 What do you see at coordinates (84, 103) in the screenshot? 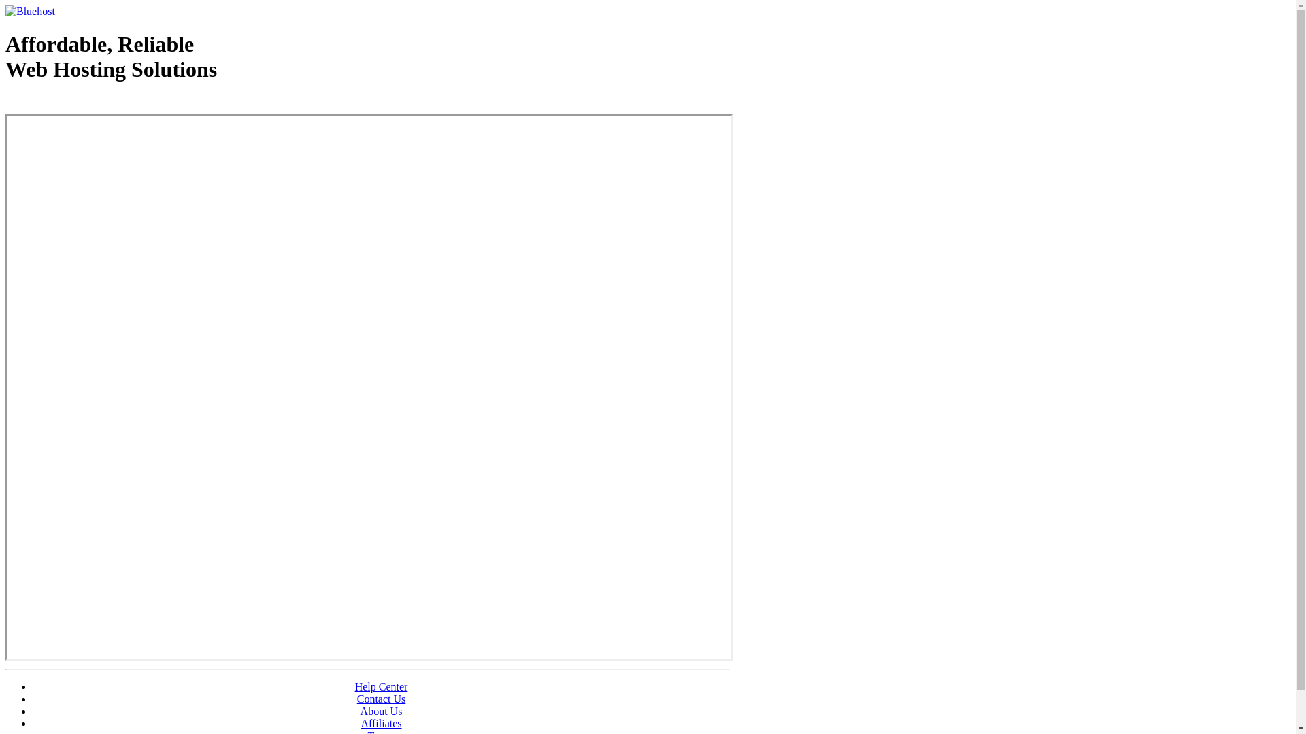
I see `'Web Hosting - courtesy of www.bluehost.com'` at bounding box center [84, 103].